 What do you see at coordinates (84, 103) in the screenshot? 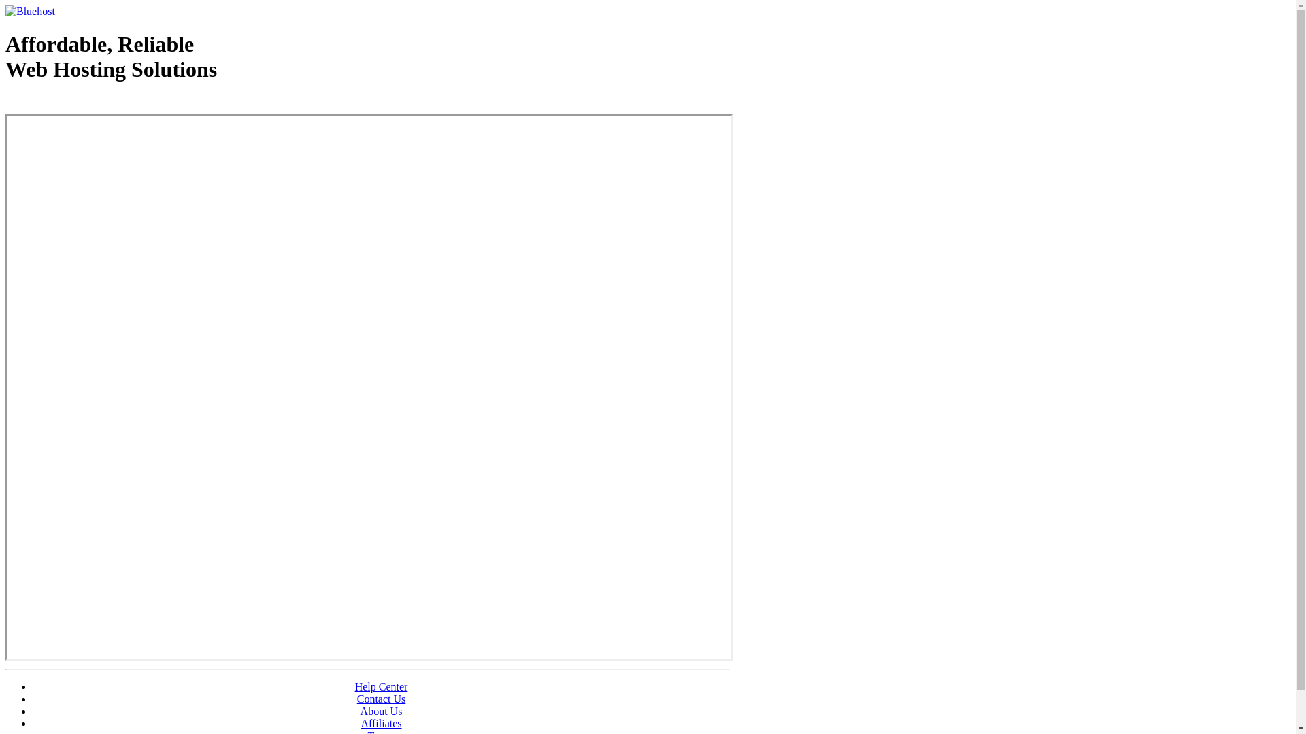
I see `'Web Hosting - courtesy of www.bluehost.com'` at bounding box center [84, 103].